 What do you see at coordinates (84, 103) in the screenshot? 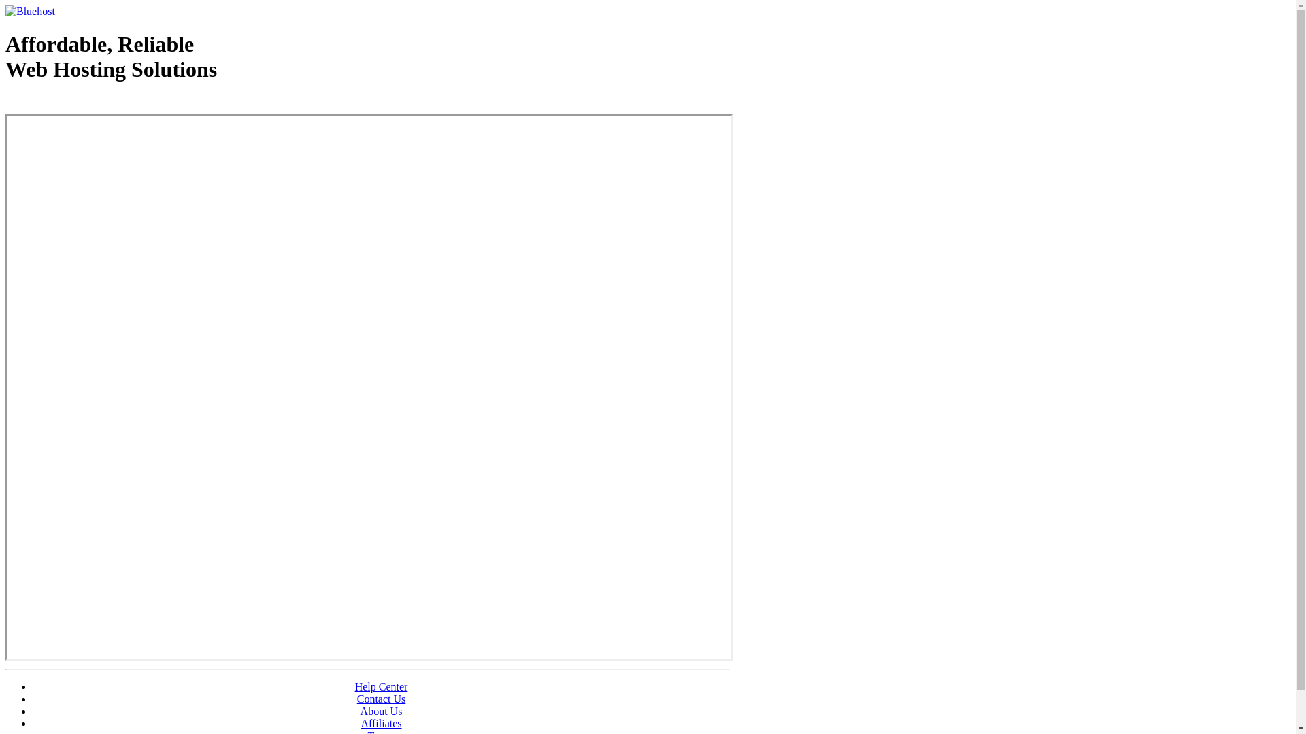
I see `'Web Hosting - courtesy of www.bluehost.com'` at bounding box center [84, 103].